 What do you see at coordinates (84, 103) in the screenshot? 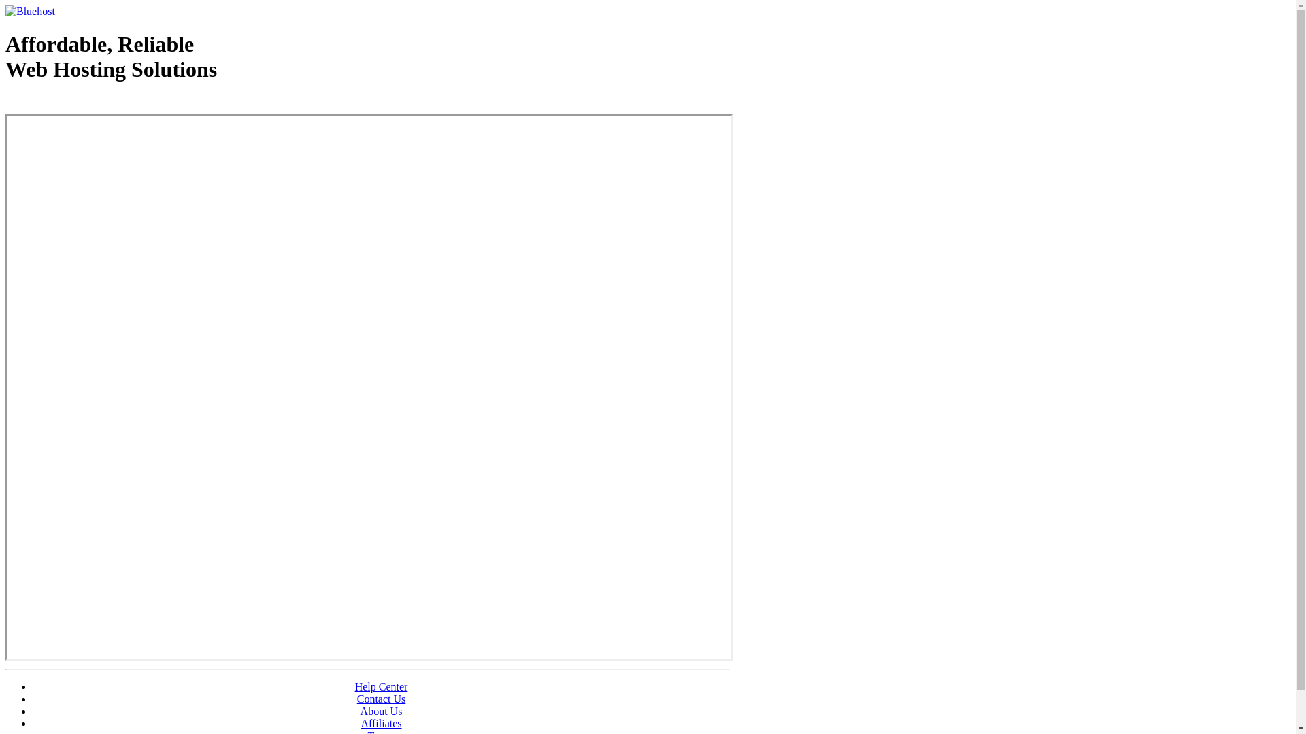
I see `'Web Hosting - courtesy of www.bluehost.com'` at bounding box center [84, 103].